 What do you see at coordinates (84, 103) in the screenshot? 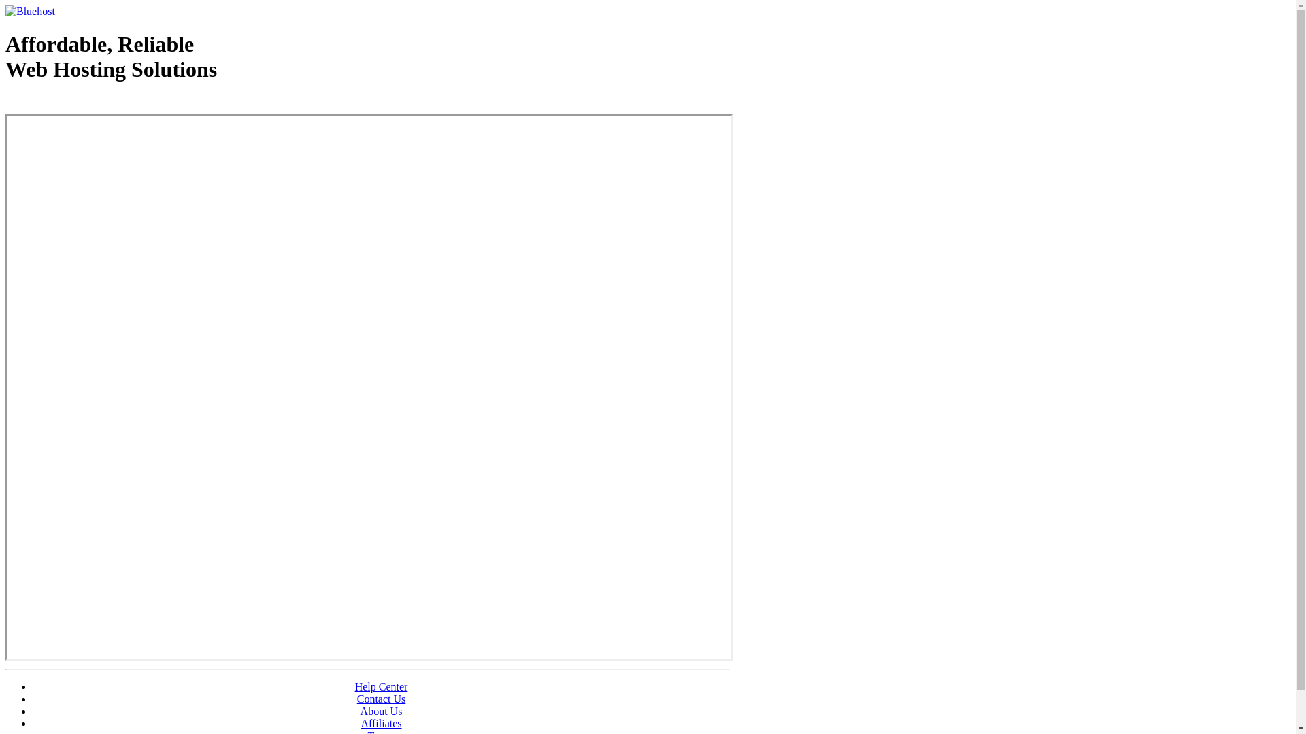
I see `'Web Hosting - courtesy of www.bluehost.com'` at bounding box center [84, 103].